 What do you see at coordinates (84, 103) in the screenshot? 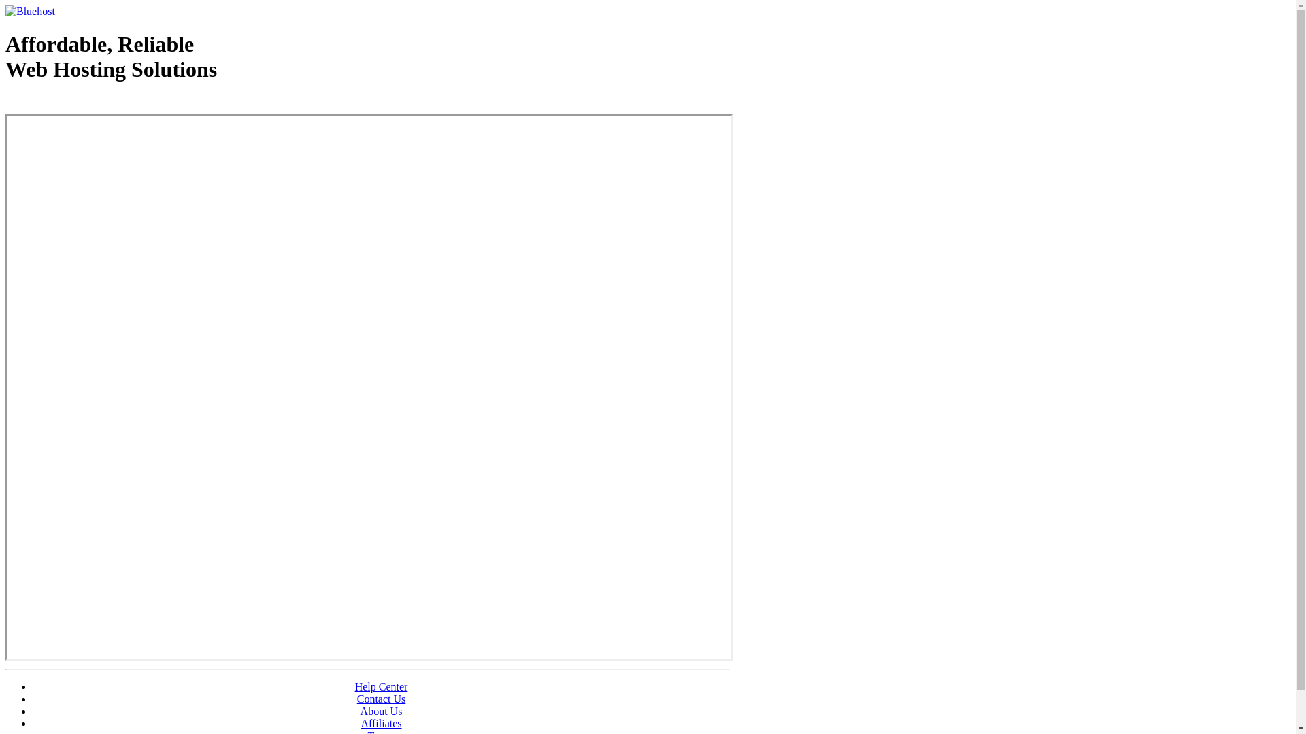
I see `'Web Hosting - courtesy of www.bluehost.com'` at bounding box center [84, 103].